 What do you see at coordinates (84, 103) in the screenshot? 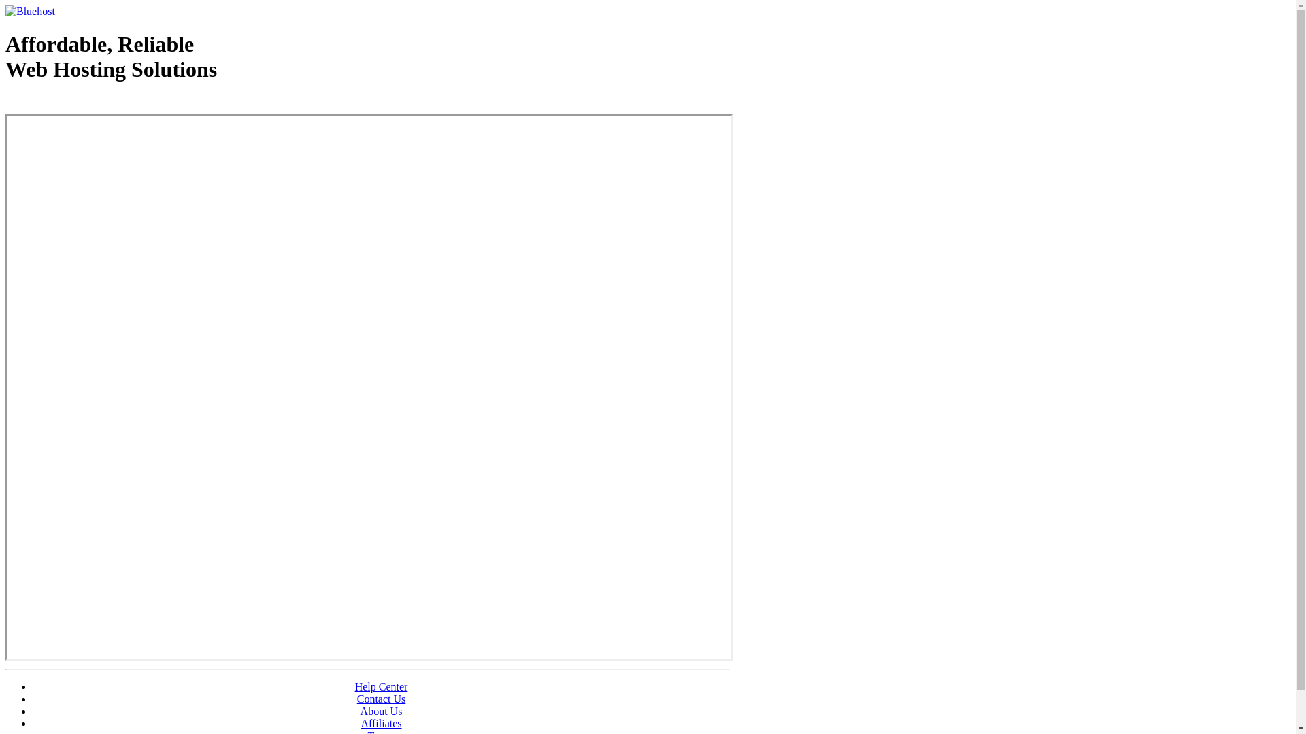
I see `'Web Hosting - courtesy of www.bluehost.com'` at bounding box center [84, 103].